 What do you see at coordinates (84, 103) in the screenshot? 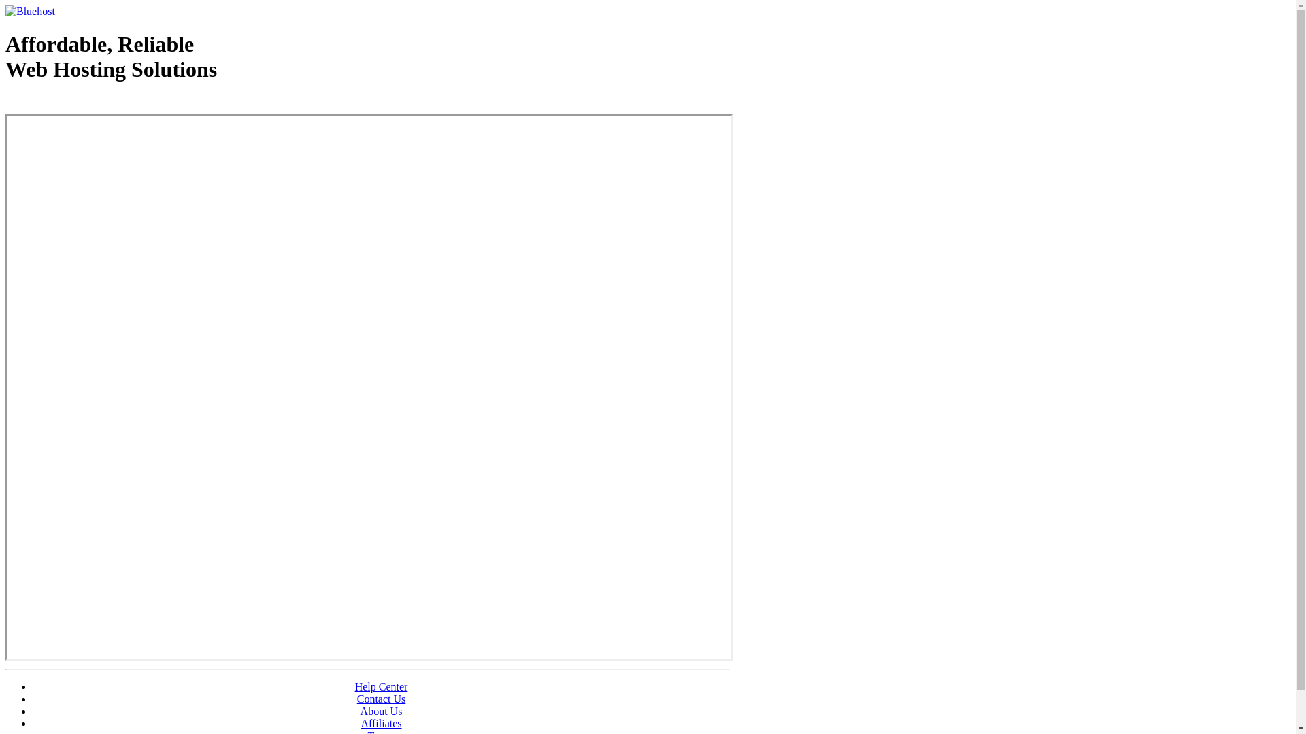
I see `'Web Hosting - courtesy of www.bluehost.com'` at bounding box center [84, 103].